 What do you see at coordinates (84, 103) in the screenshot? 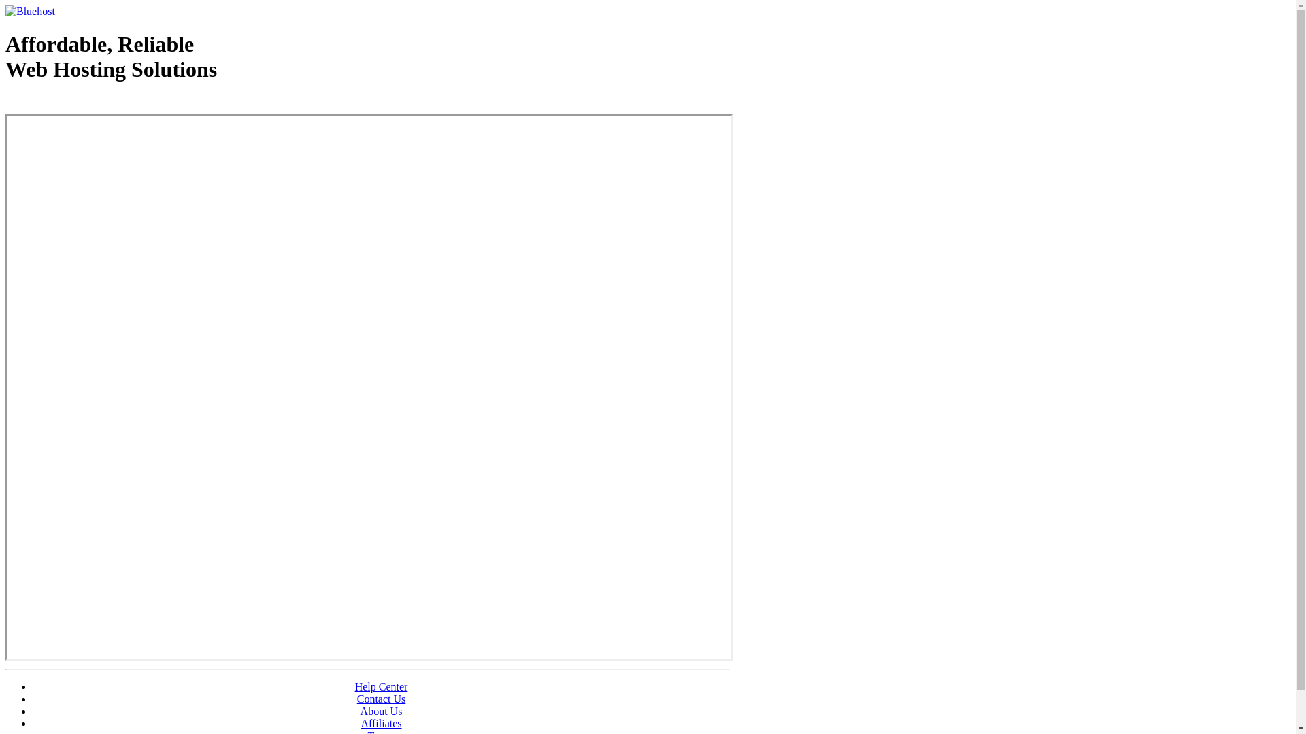
I see `'Web Hosting - courtesy of www.bluehost.com'` at bounding box center [84, 103].